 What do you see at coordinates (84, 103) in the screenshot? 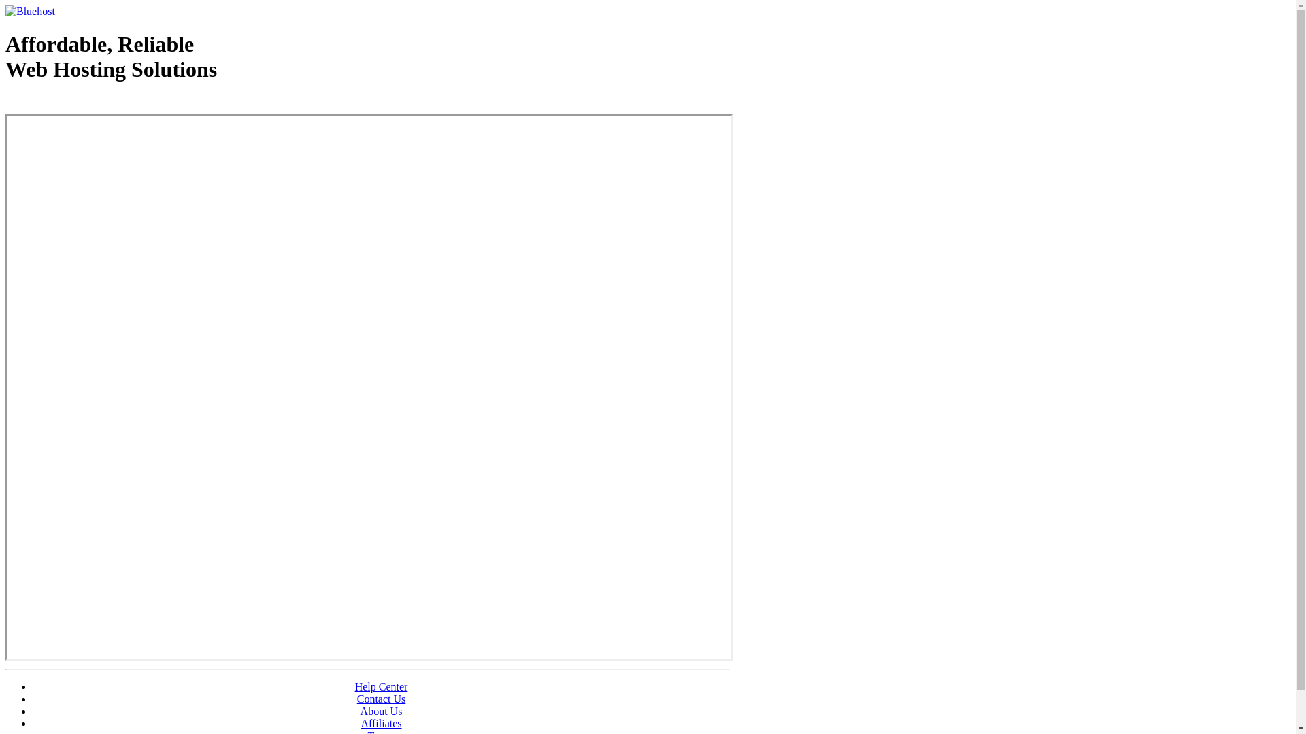
I see `'Web Hosting - courtesy of www.bluehost.com'` at bounding box center [84, 103].